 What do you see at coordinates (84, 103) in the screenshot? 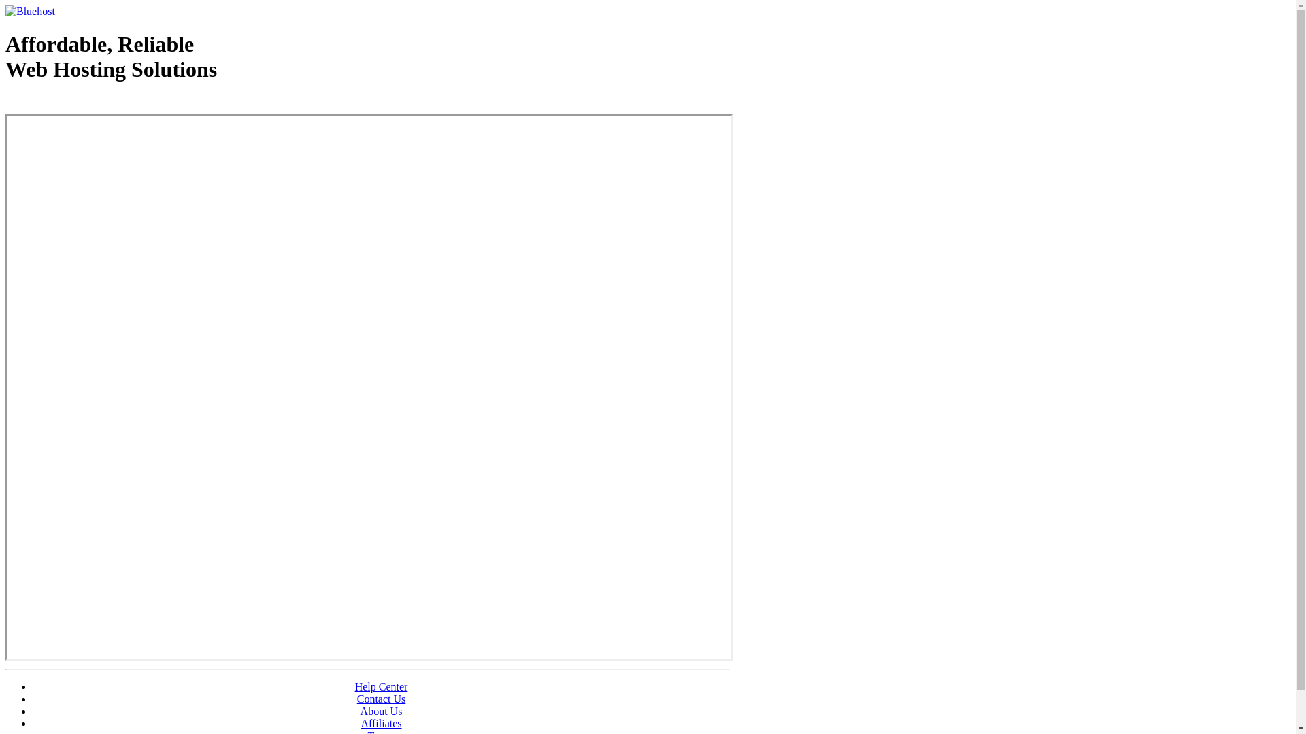
I see `'Web Hosting - courtesy of www.bluehost.com'` at bounding box center [84, 103].